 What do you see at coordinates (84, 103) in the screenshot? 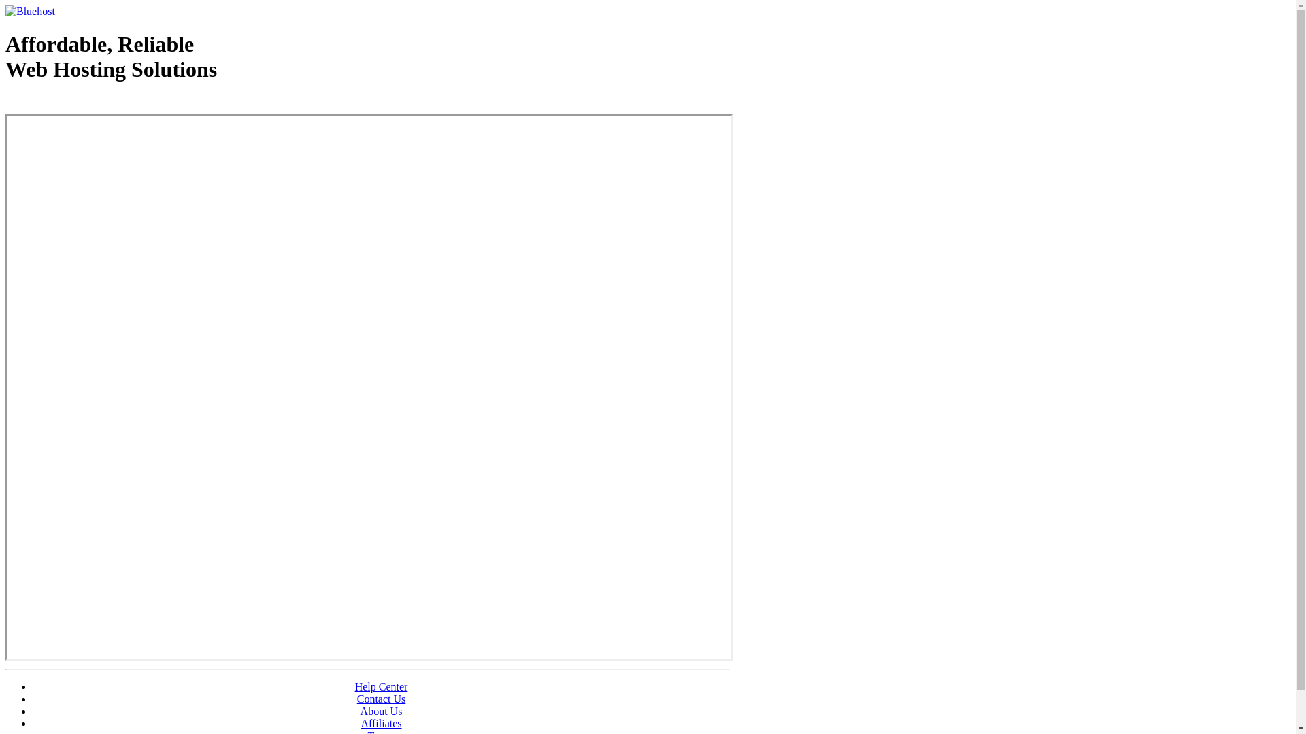
I see `'Web Hosting - courtesy of www.bluehost.com'` at bounding box center [84, 103].